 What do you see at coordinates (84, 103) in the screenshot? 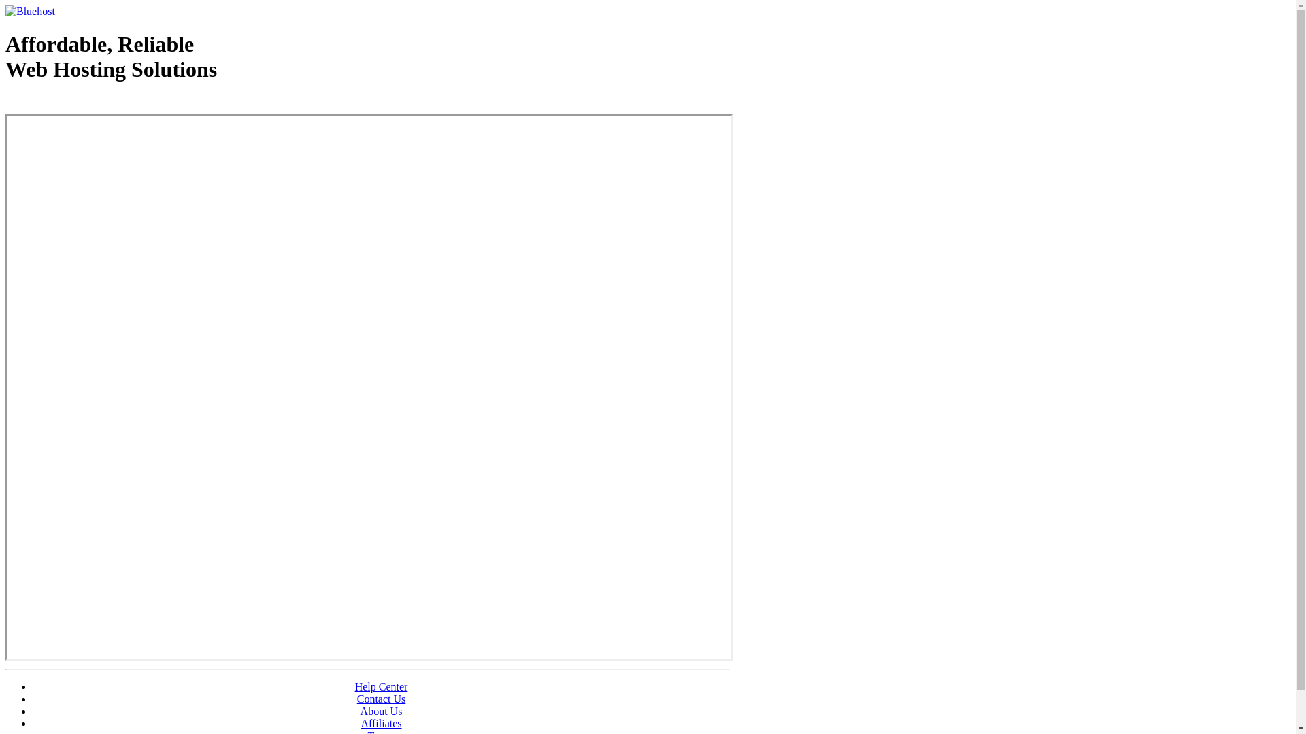
I see `'Web Hosting - courtesy of www.bluehost.com'` at bounding box center [84, 103].